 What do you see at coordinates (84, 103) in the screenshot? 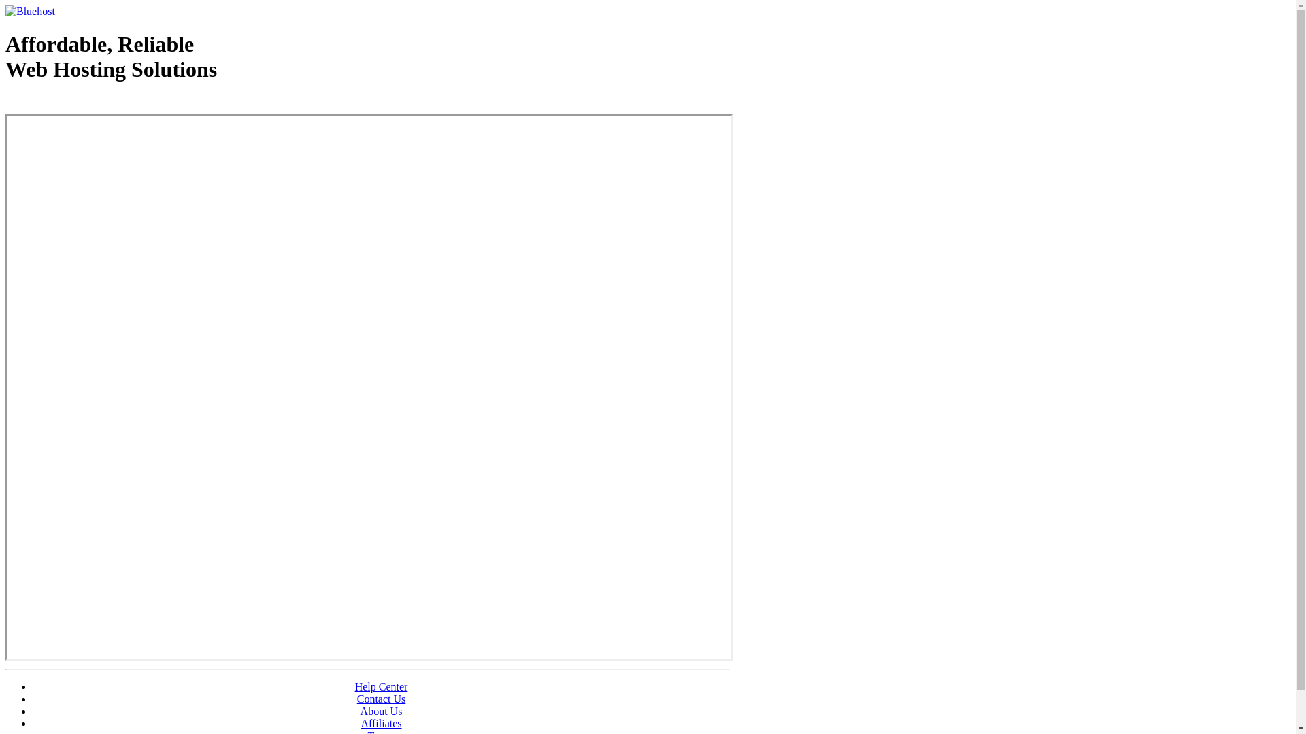
I see `'Web Hosting - courtesy of www.bluehost.com'` at bounding box center [84, 103].